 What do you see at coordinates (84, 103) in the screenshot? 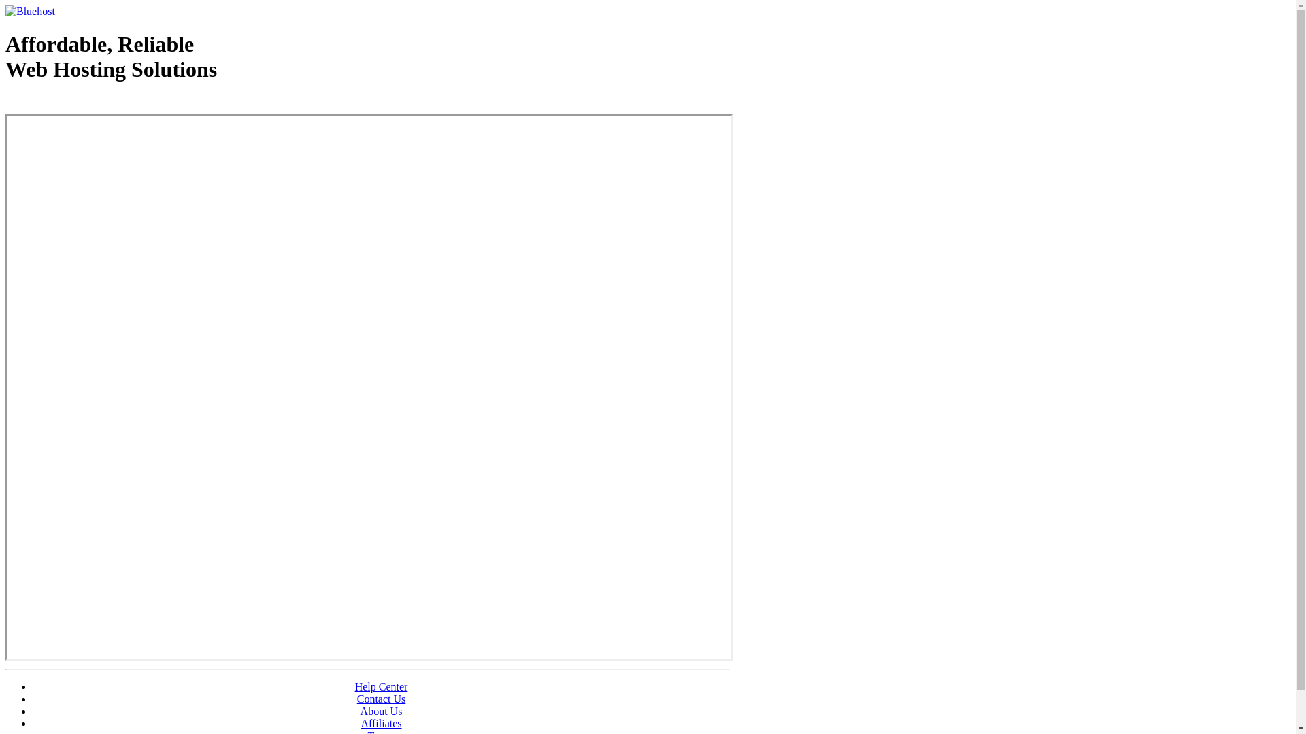
I see `'Web Hosting - courtesy of www.bluehost.com'` at bounding box center [84, 103].